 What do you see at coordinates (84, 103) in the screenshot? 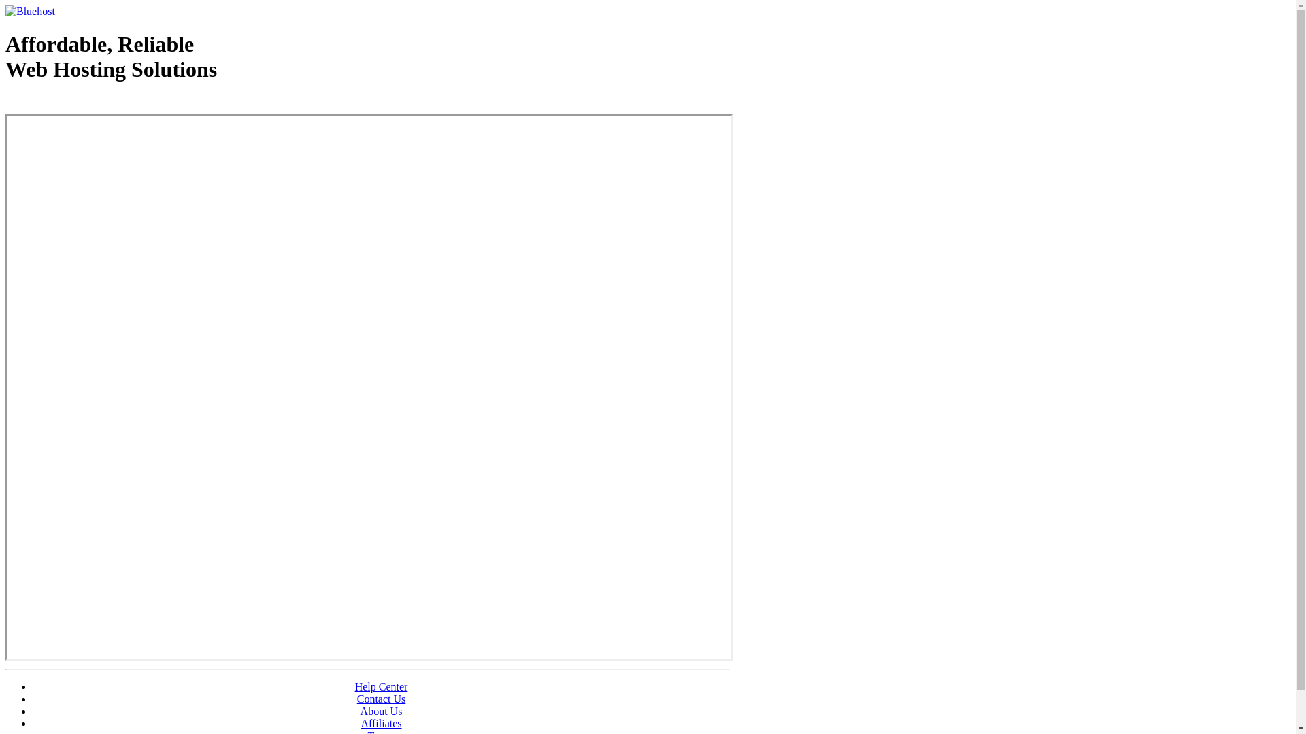
I see `'Web Hosting - courtesy of www.bluehost.com'` at bounding box center [84, 103].